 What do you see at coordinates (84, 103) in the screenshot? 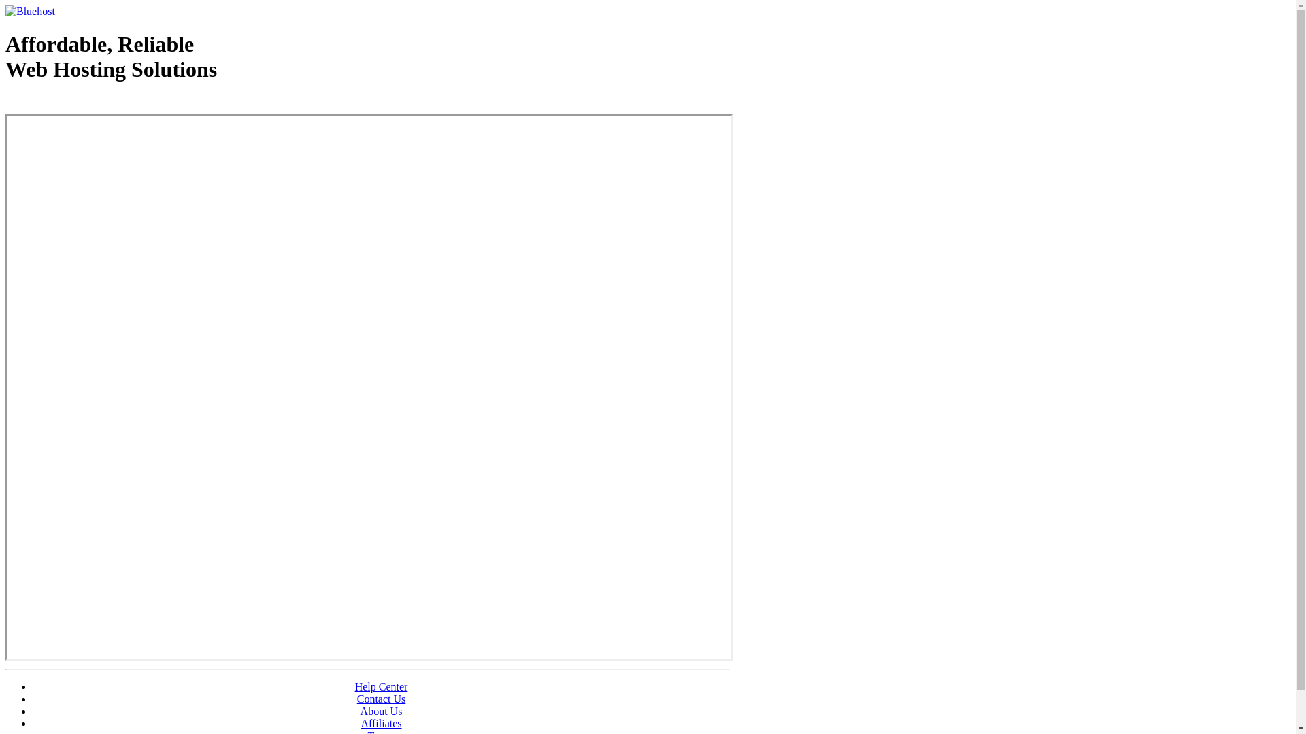
I see `'Web Hosting - courtesy of www.bluehost.com'` at bounding box center [84, 103].